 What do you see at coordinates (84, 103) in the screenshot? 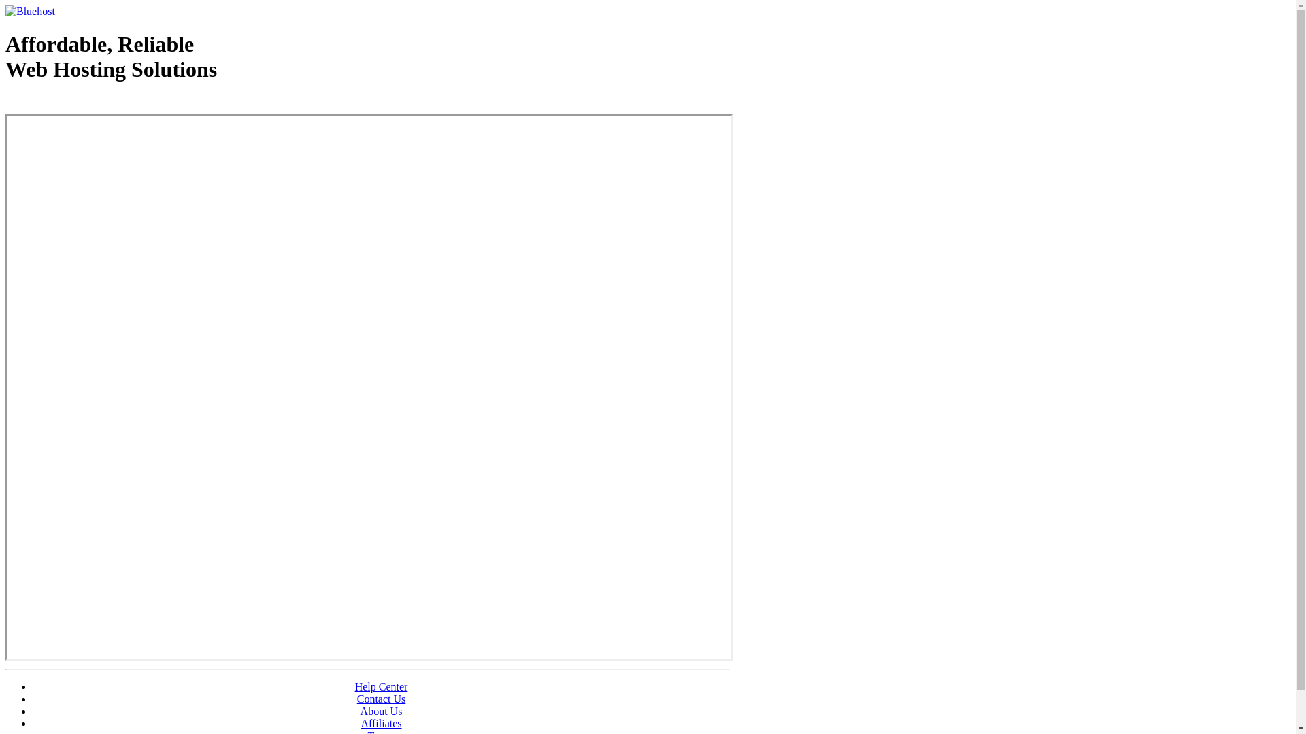
I see `'Web Hosting - courtesy of www.bluehost.com'` at bounding box center [84, 103].